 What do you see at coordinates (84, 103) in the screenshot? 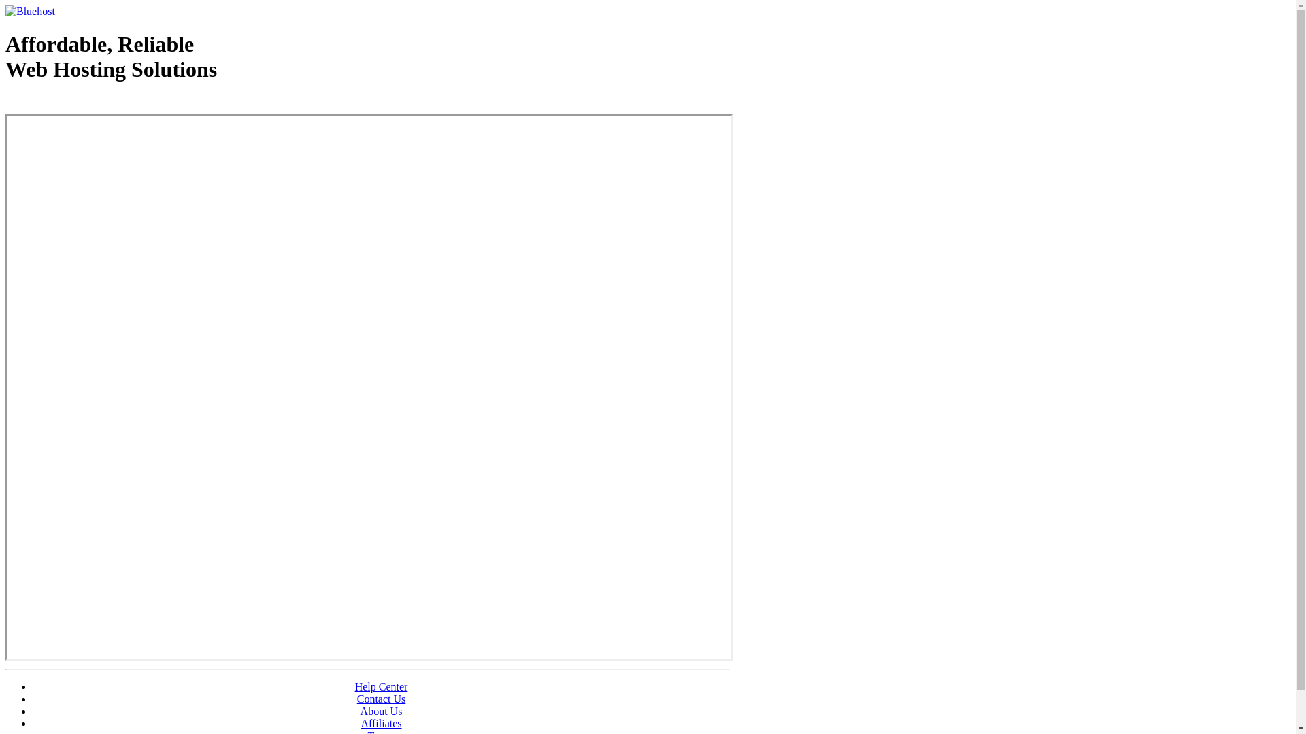
I see `'Web Hosting - courtesy of www.bluehost.com'` at bounding box center [84, 103].